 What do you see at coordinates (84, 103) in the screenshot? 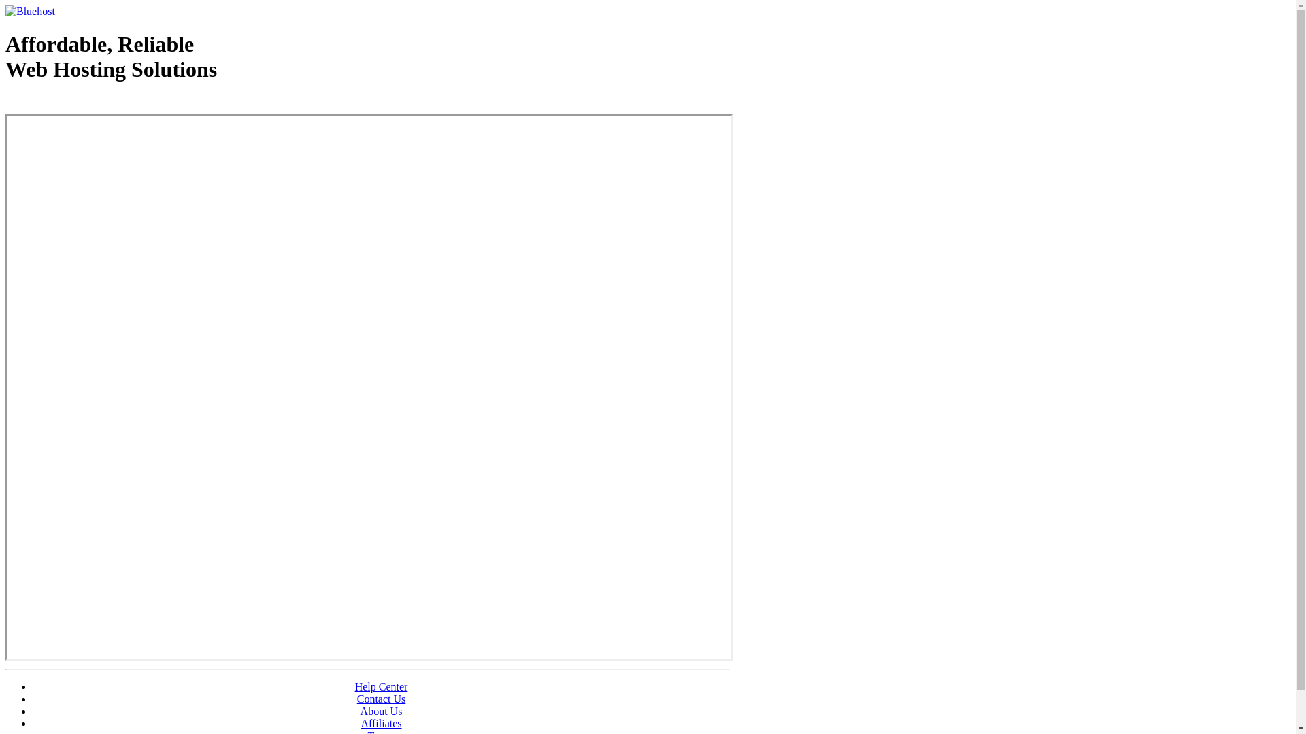
I see `'Web Hosting - courtesy of www.bluehost.com'` at bounding box center [84, 103].